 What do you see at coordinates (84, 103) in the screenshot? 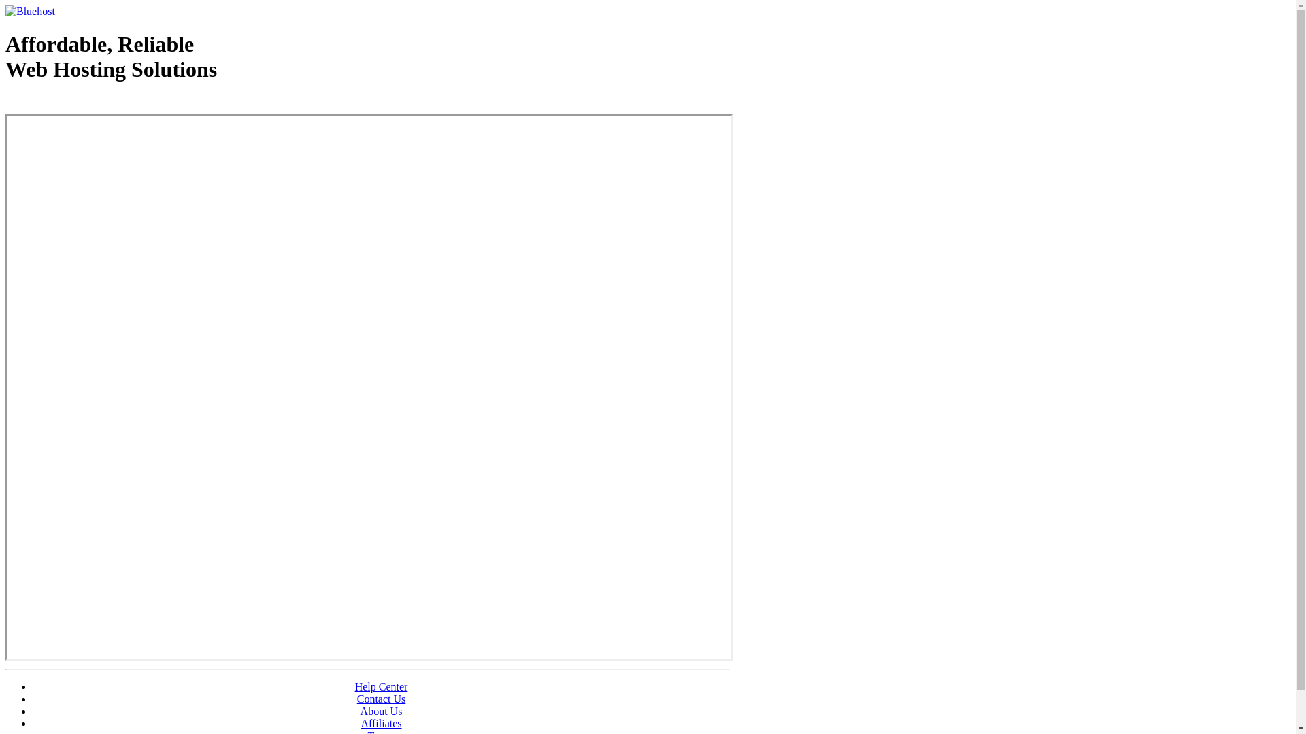
I see `'Web Hosting - courtesy of www.bluehost.com'` at bounding box center [84, 103].